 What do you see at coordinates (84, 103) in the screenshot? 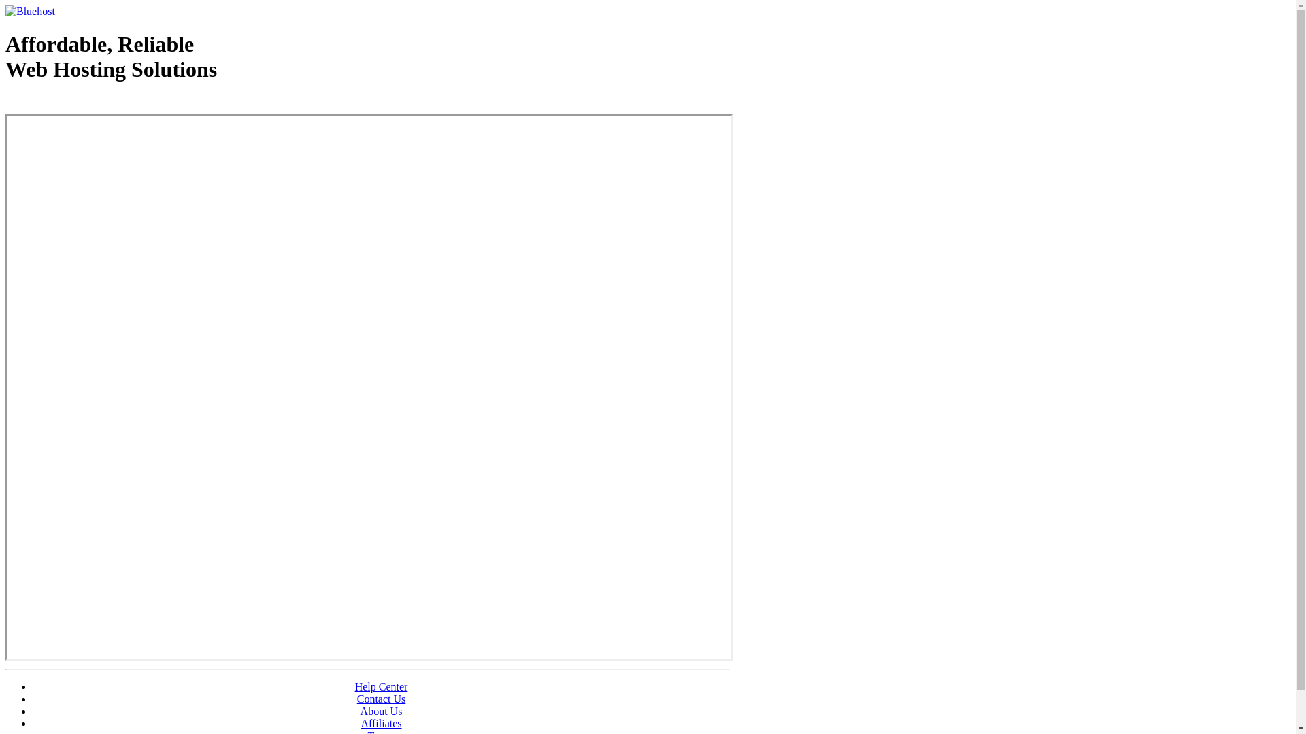
I see `'Web Hosting - courtesy of www.bluehost.com'` at bounding box center [84, 103].